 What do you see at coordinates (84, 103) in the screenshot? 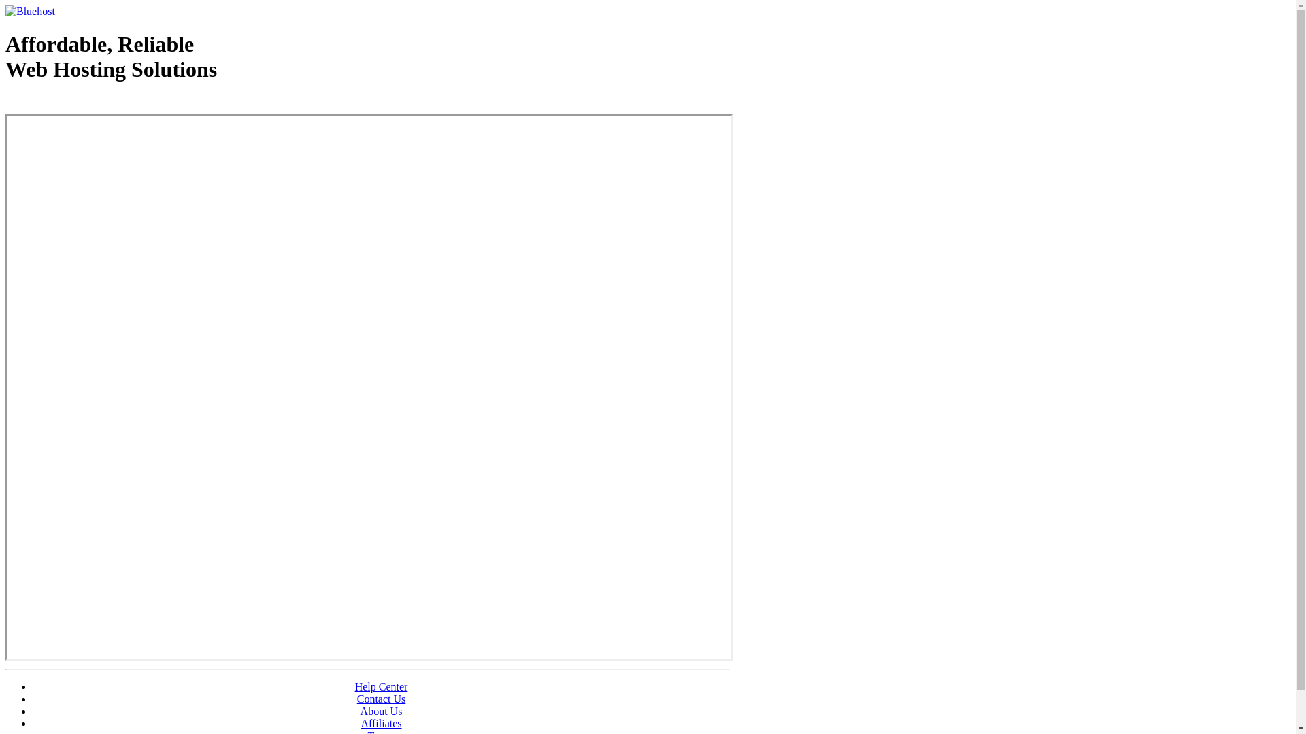
I see `'Web Hosting - courtesy of www.bluehost.com'` at bounding box center [84, 103].